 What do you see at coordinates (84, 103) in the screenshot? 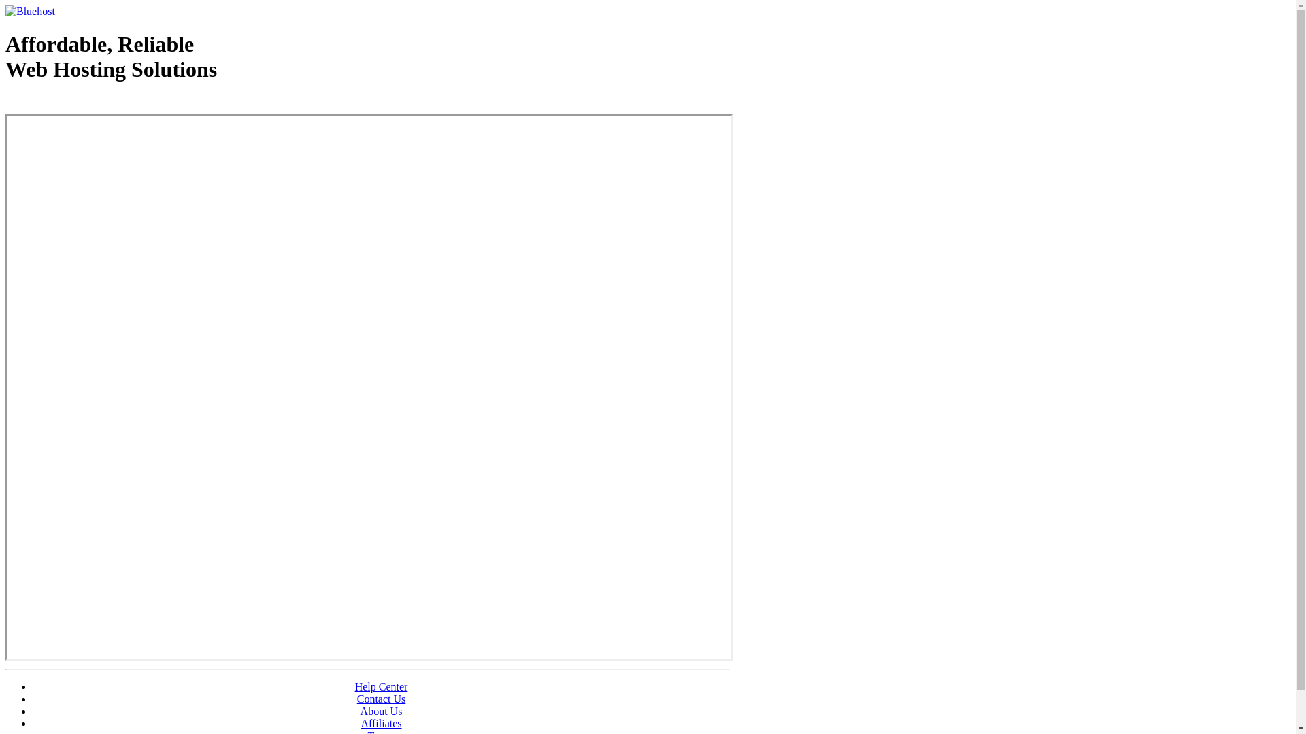
I see `'Web Hosting - courtesy of www.bluehost.com'` at bounding box center [84, 103].